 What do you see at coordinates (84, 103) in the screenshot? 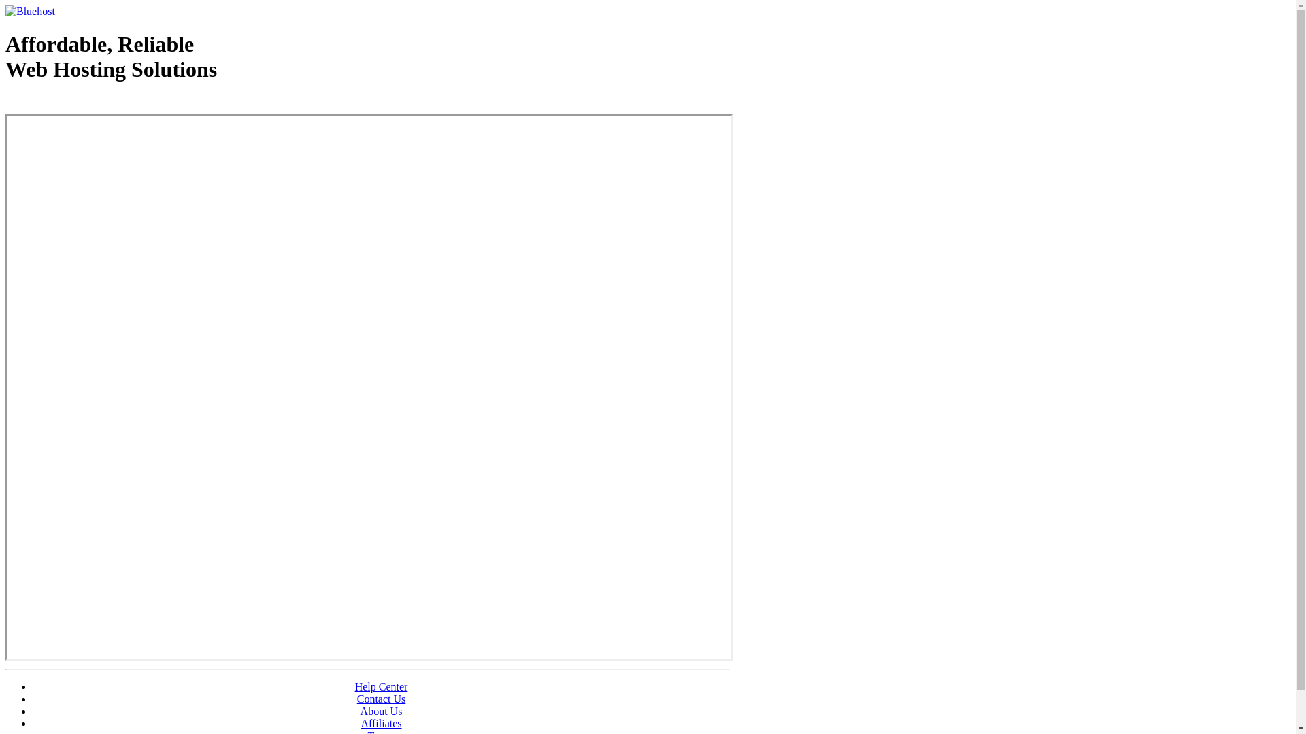
I see `'Web Hosting - courtesy of www.bluehost.com'` at bounding box center [84, 103].